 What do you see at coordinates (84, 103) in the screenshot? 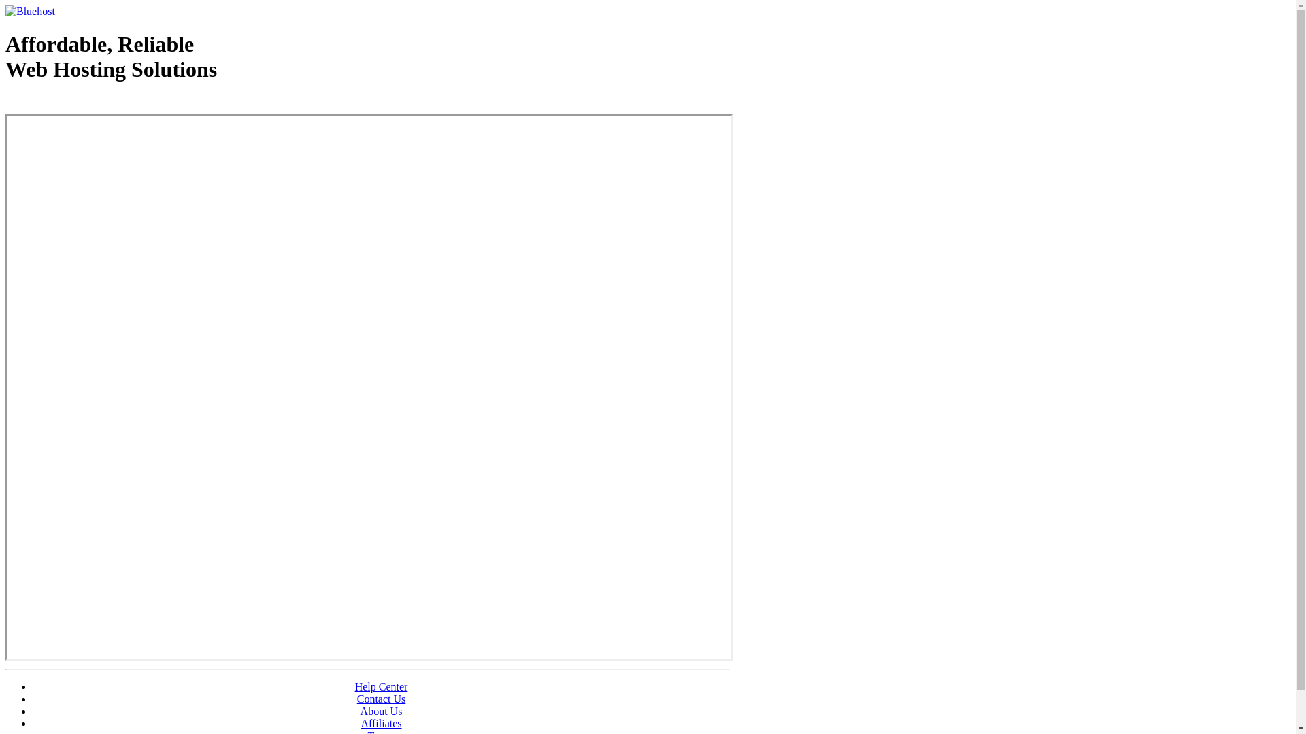
I see `'Web Hosting - courtesy of www.bluehost.com'` at bounding box center [84, 103].